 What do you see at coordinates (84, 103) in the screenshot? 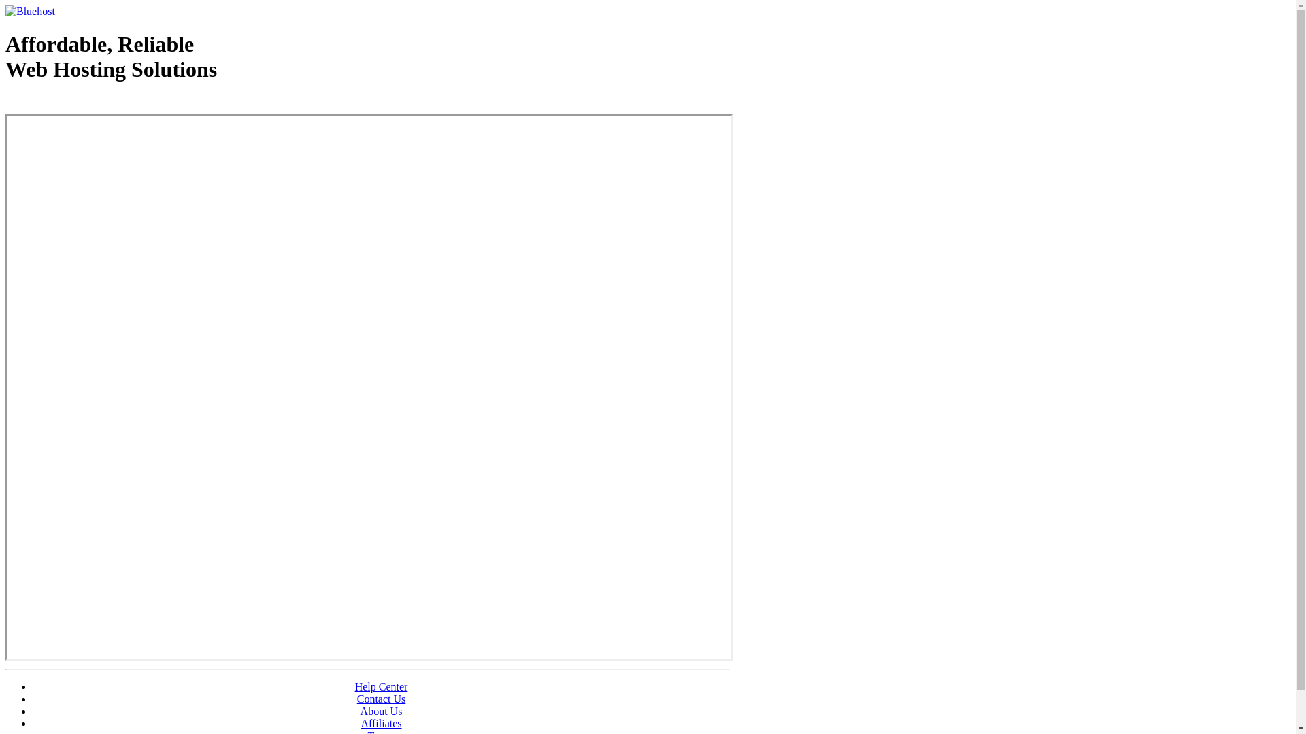
I see `'Web Hosting - courtesy of www.bluehost.com'` at bounding box center [84, 103].